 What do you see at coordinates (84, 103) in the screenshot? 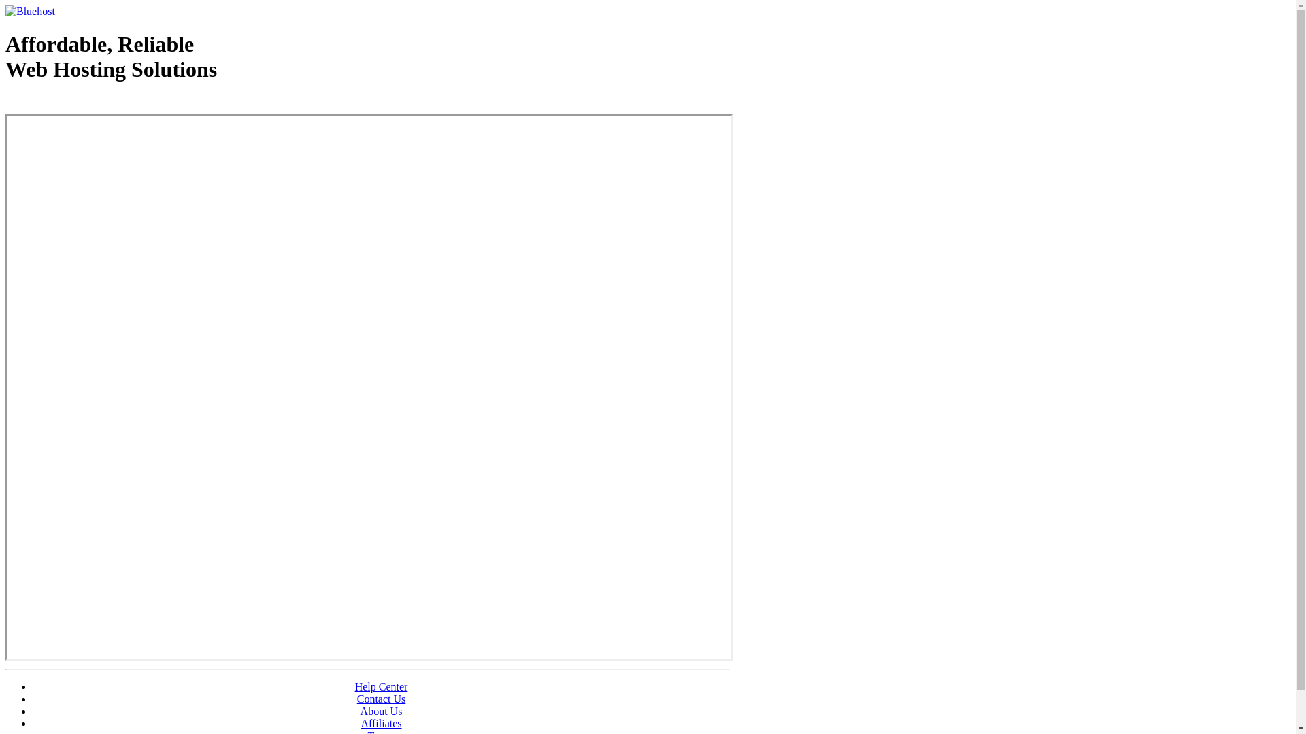
I see `'Web Hosting - courtesy of www.bluehost.com'` at bounding box center [84, 103].